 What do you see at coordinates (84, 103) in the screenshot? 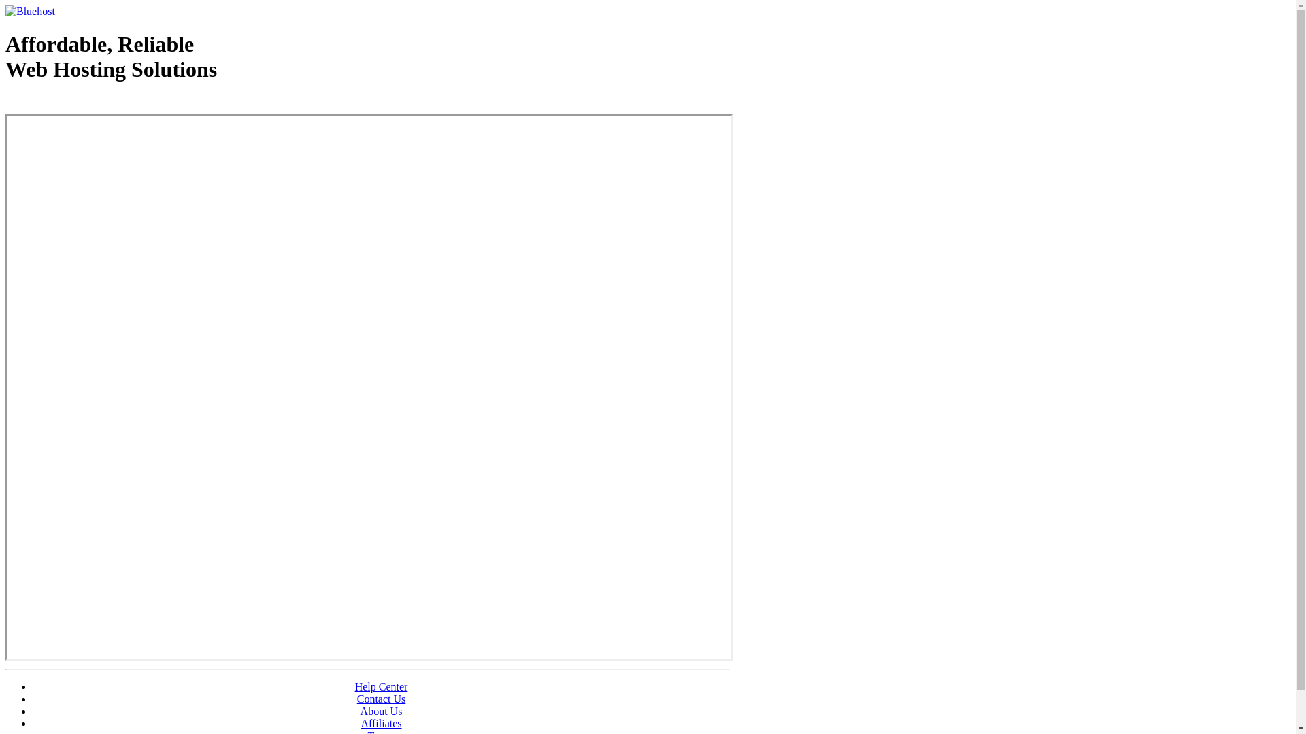
I see `'Web Hosting - courtesy of www.bluehost.com'` at bounding box center [84, 103].